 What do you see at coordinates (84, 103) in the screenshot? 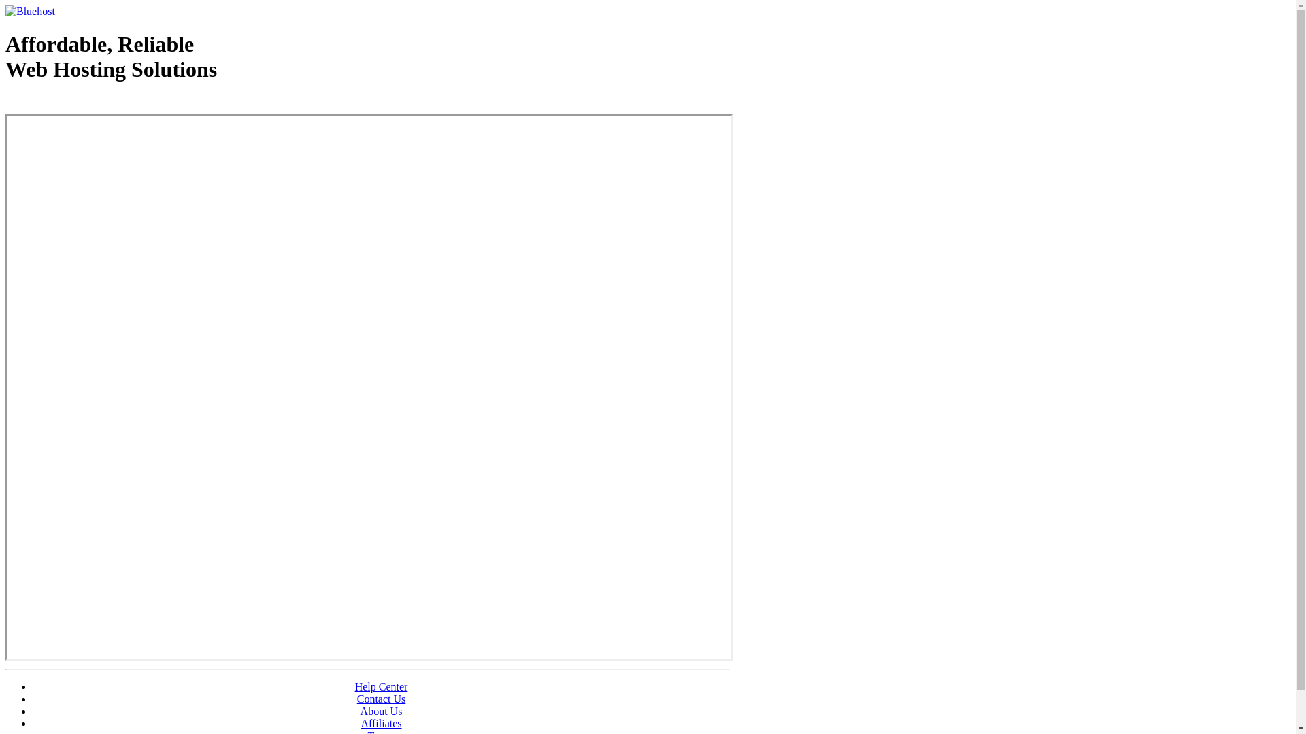
I see `'Web Hosting - courtesy of www.bluehost.com'` at bounding box center [84, 103].